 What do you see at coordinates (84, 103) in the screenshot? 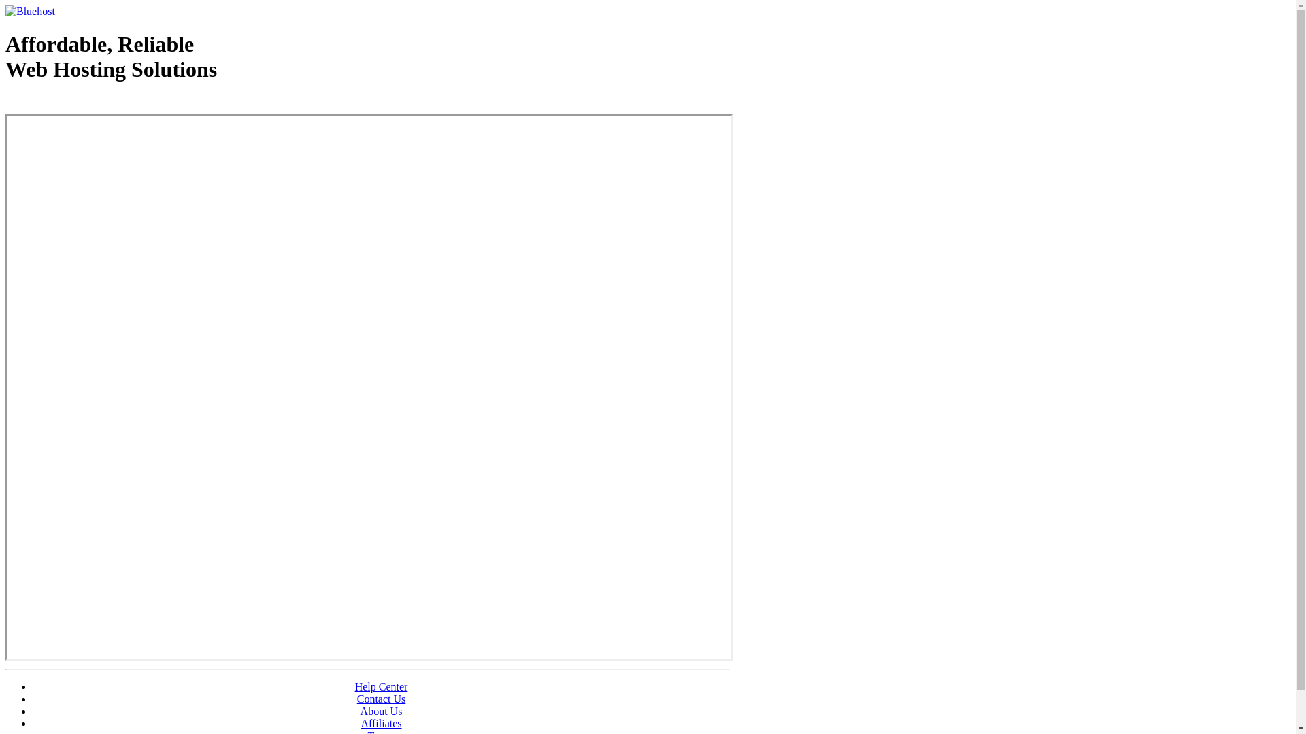
I see `'Web Hosting - courtesy of www.bluehost.com'` at bounding box center [84, 103].